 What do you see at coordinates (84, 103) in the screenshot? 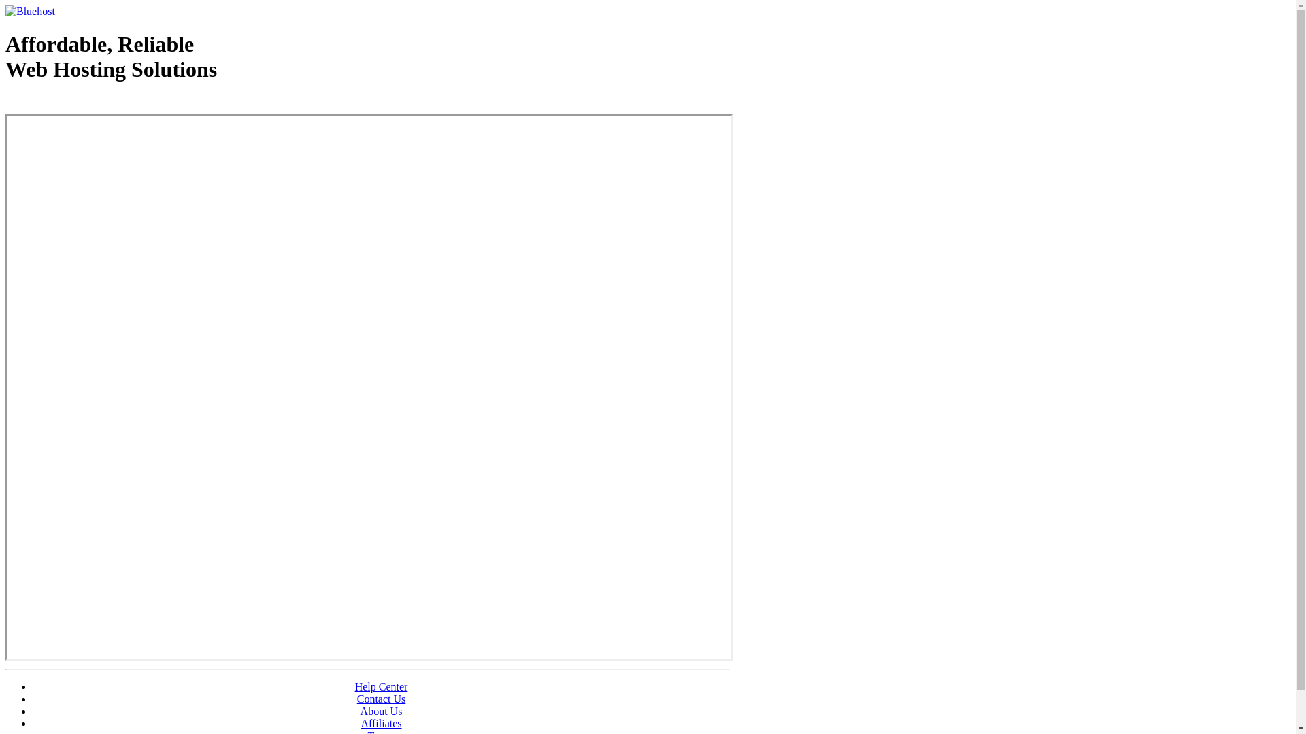
I see `'Web Hosting - courtesy of www.bluehost.com'` at bounding box center [84, 103].